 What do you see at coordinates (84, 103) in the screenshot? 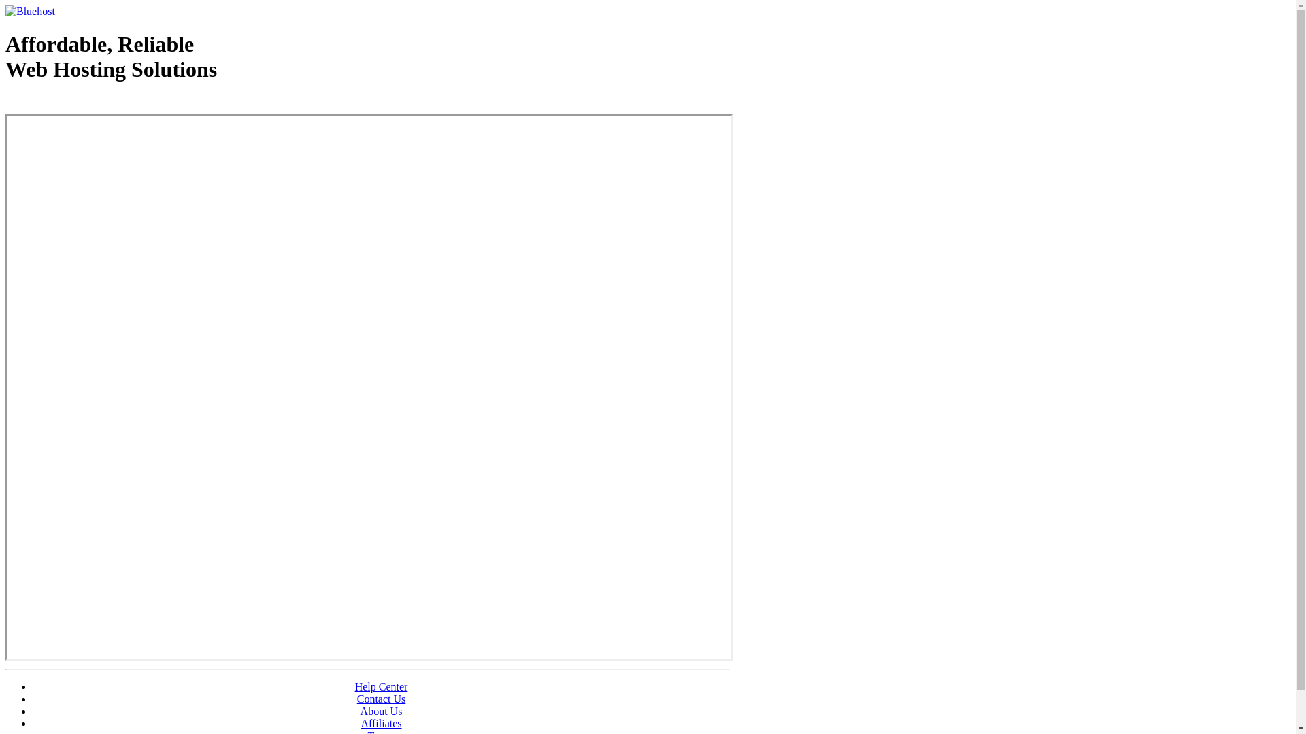
I see `'Web Hosting - courtesy of www.bluehost.com'` at bounding box center [84, 103].